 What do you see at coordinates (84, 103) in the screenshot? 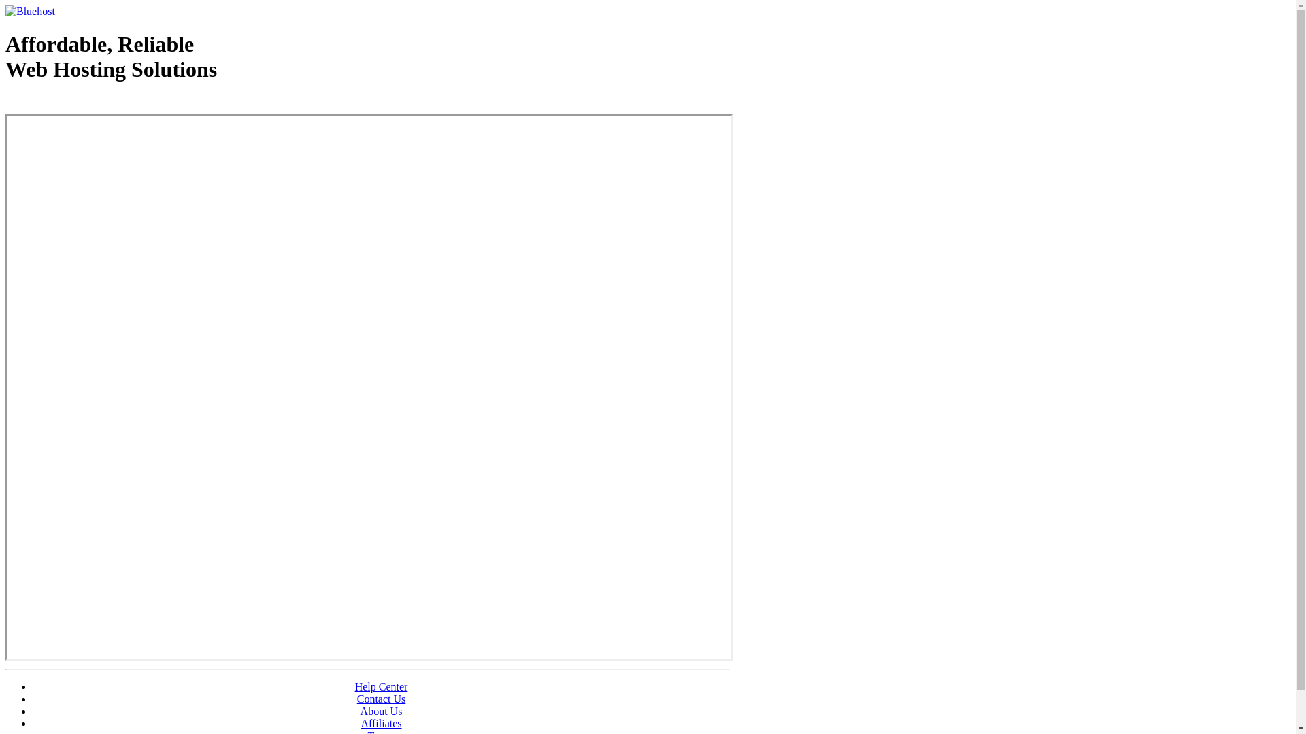
I see `'Web Hosting - courtesy of www.bluehost.com'` at bounding box center [84, 103].